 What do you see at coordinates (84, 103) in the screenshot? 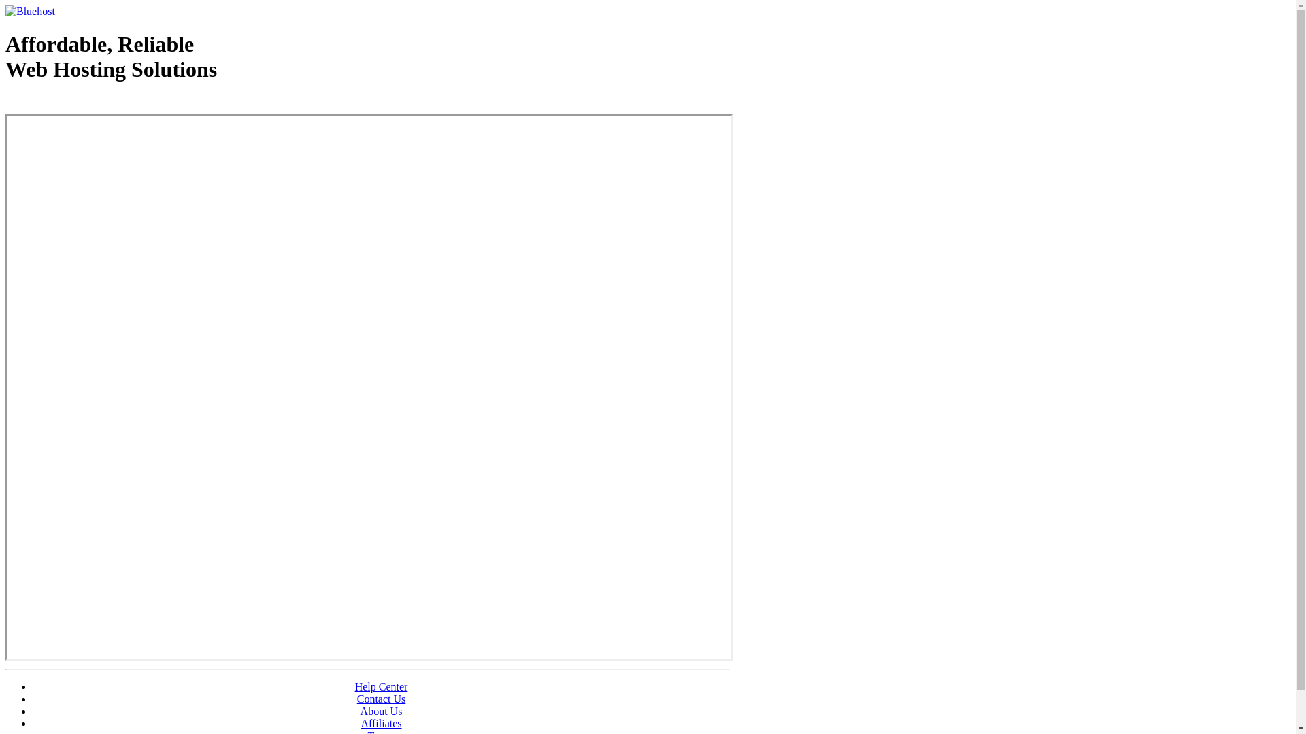
I see `'Web Hosting - courtesy of www.bluehost.com'` at bounding box center [84, 103].